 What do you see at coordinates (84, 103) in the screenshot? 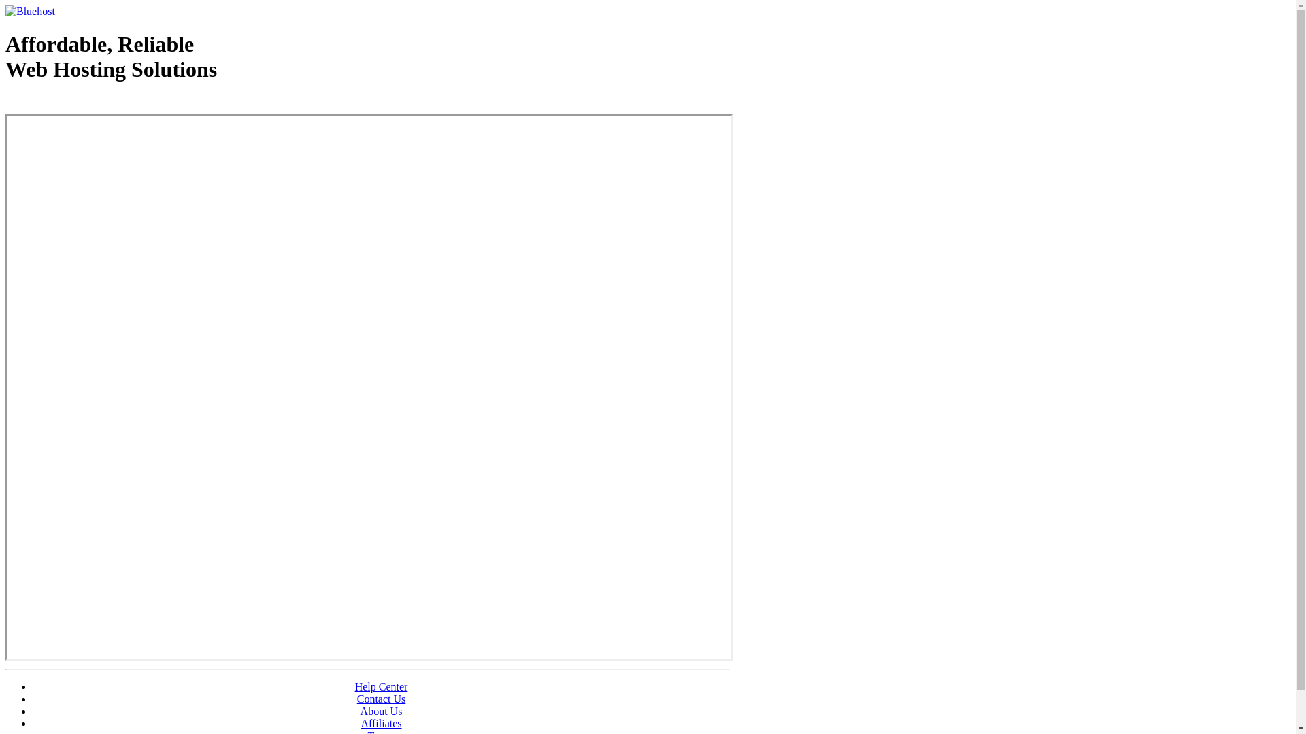
I see `'Web Hosting - courtesy of www.bluehost.com'` at bounding box center [84, 103].